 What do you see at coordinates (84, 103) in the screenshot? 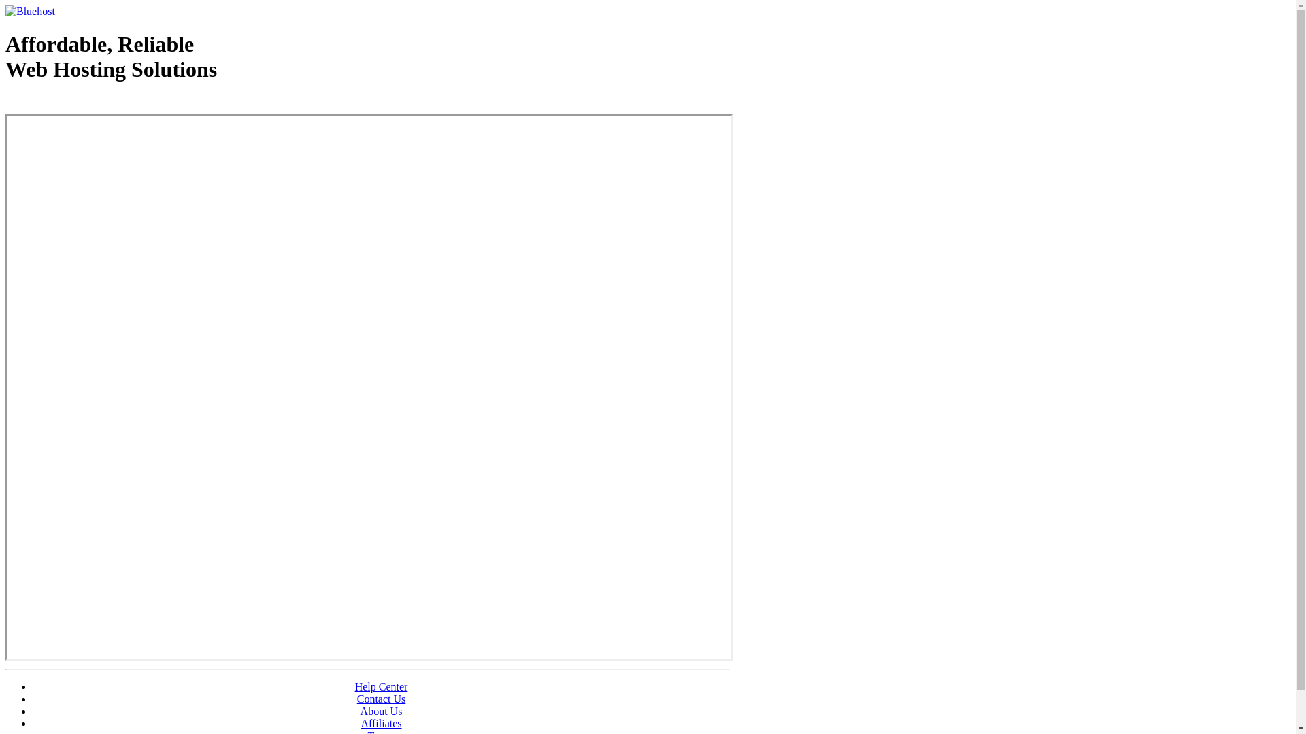
I see `'Web Hosting - courtesy of www.bluehost.com'` at bounding box center [84, 103].